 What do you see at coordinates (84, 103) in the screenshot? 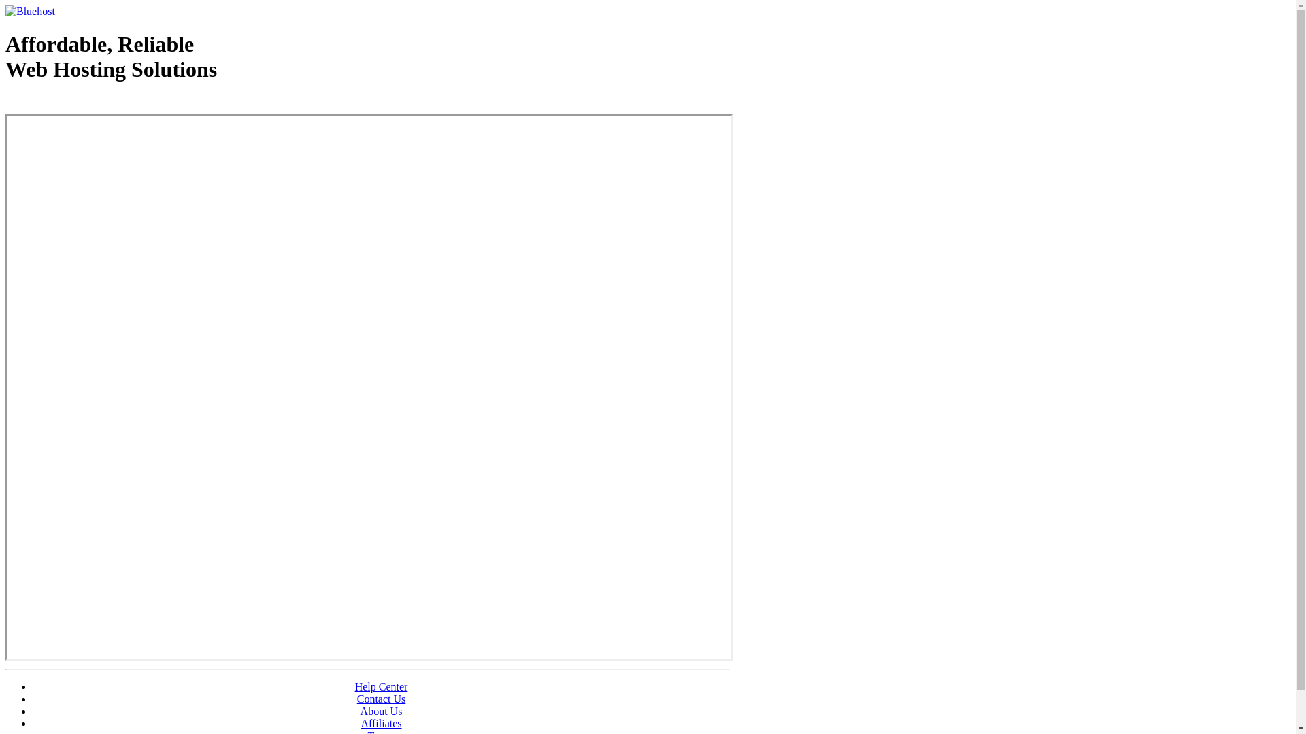
I see `'Web Hosting - courtesy of www.bluehost.com'` at bounding box center [84, 103].